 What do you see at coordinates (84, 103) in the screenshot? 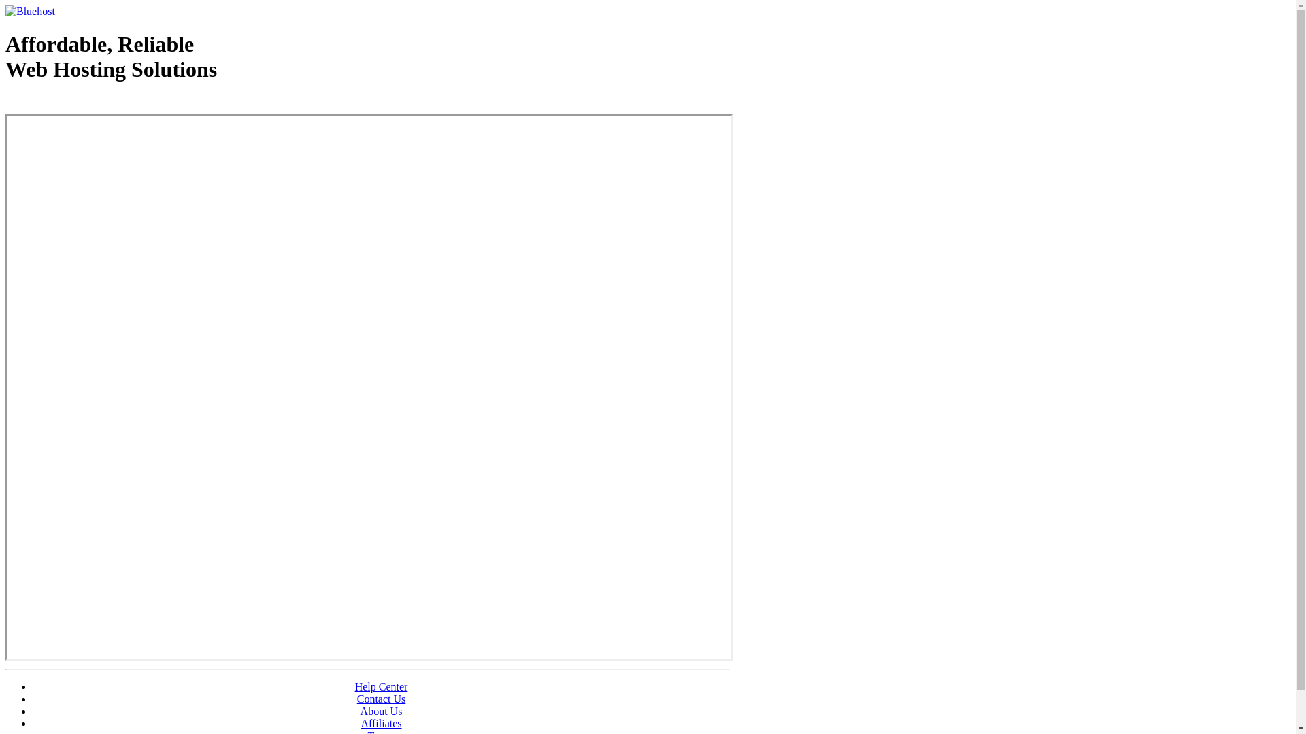
I see `'Web Hosting - courtesy of www.bluehost.com'` at bounding box center [84, 103].